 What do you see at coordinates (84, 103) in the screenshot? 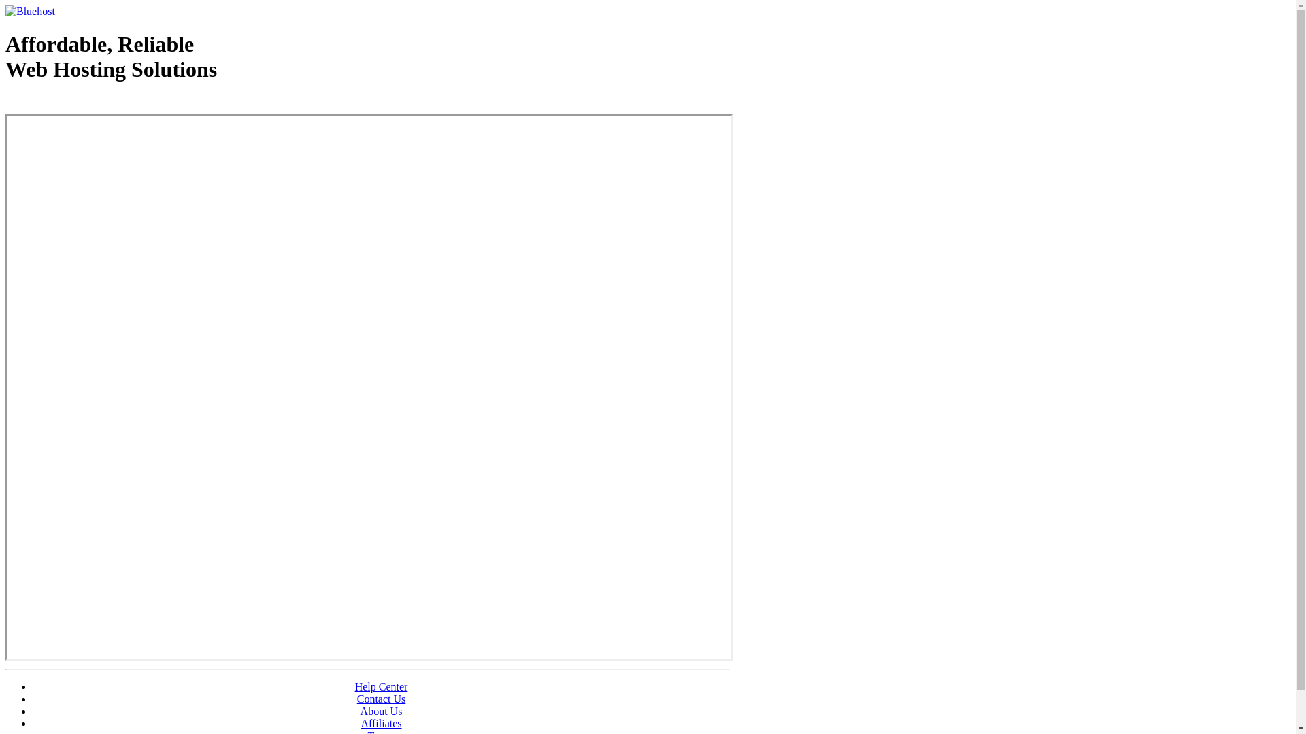
I see `'Web Hosting - courtesy of www.bluehost.com'` at bounding box center [84, 103].